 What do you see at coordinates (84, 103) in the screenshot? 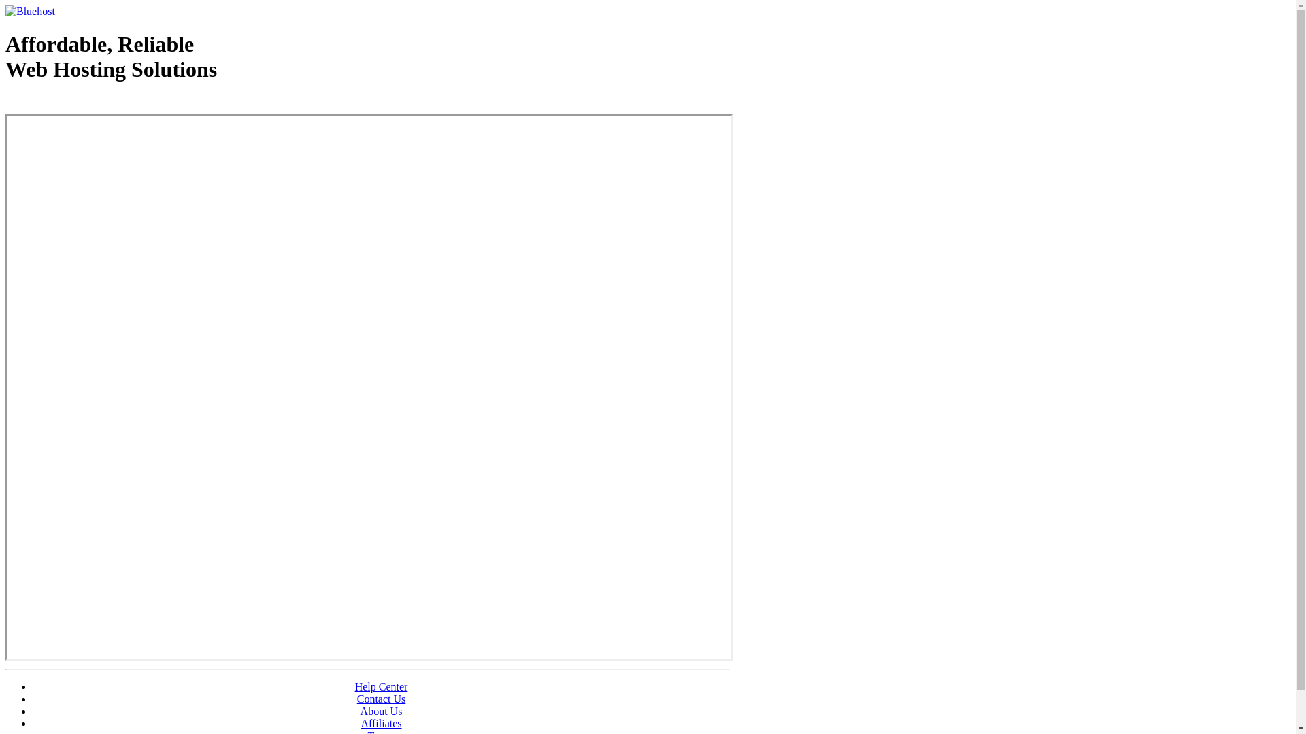
I see `'Web Hosting - courtesy of www.bluehost.com'` at bounding box center [84, 103].